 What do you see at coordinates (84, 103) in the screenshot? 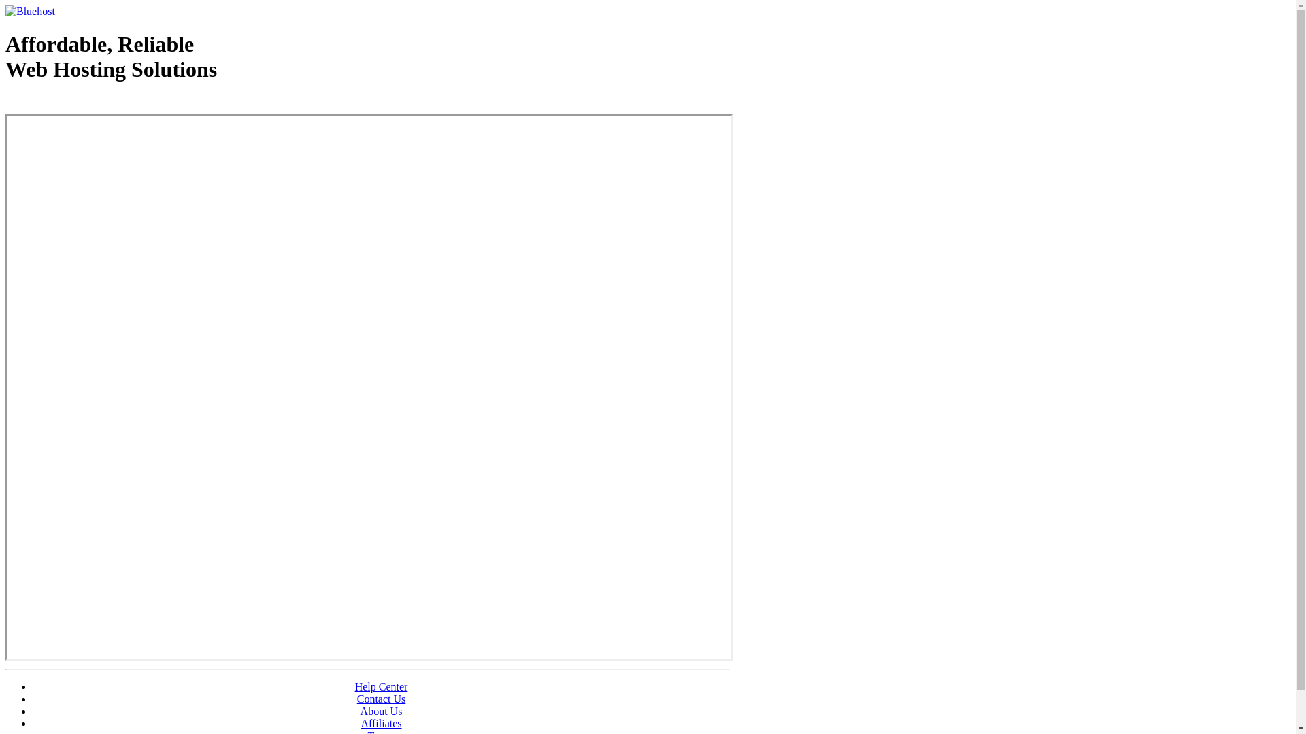
I see `'Web Hosting - courtesy of www.bluehost.com'` at bounding box center [84, 103].